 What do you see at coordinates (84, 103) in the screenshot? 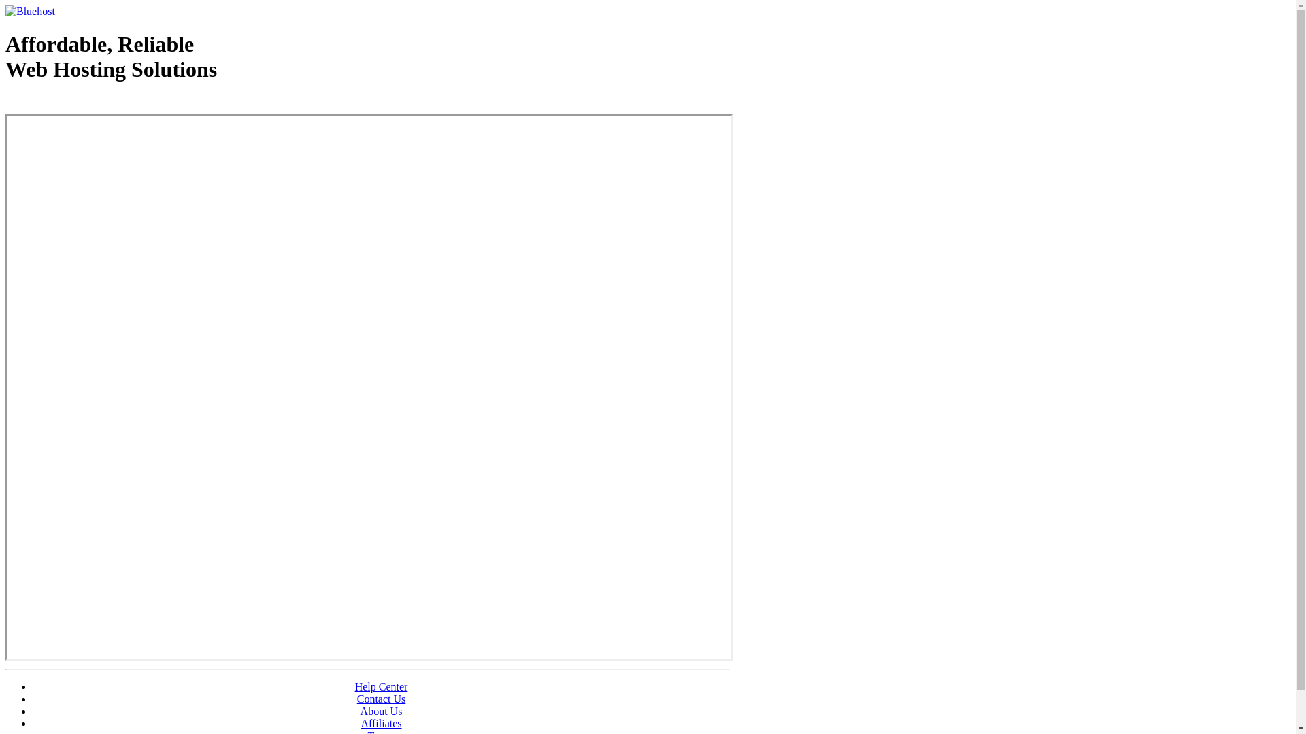
I see `'Web Hosting - courtesy of www.bluehost.com'` at bounding box center [84, 103].